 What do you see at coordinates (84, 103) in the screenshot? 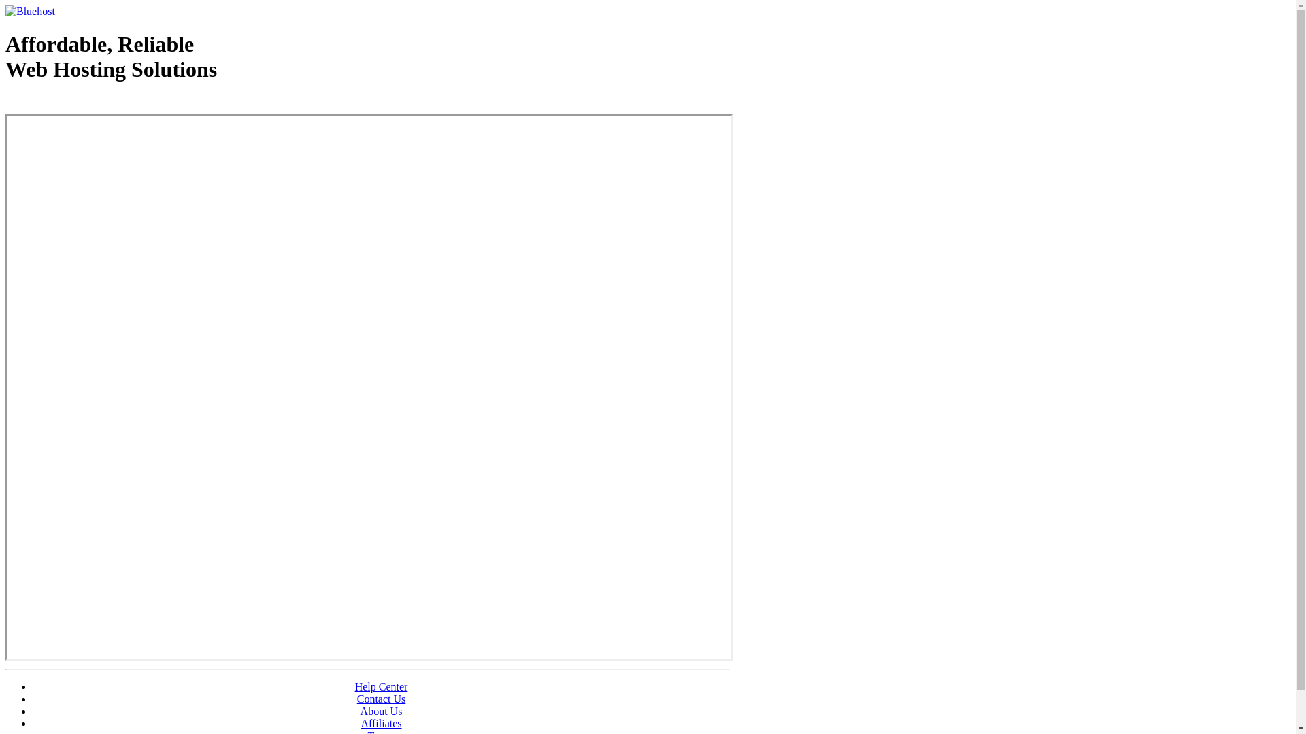
I see `'Web Hosting - courtesy of www.bluehost.com'` at bounding box center [84, 103].